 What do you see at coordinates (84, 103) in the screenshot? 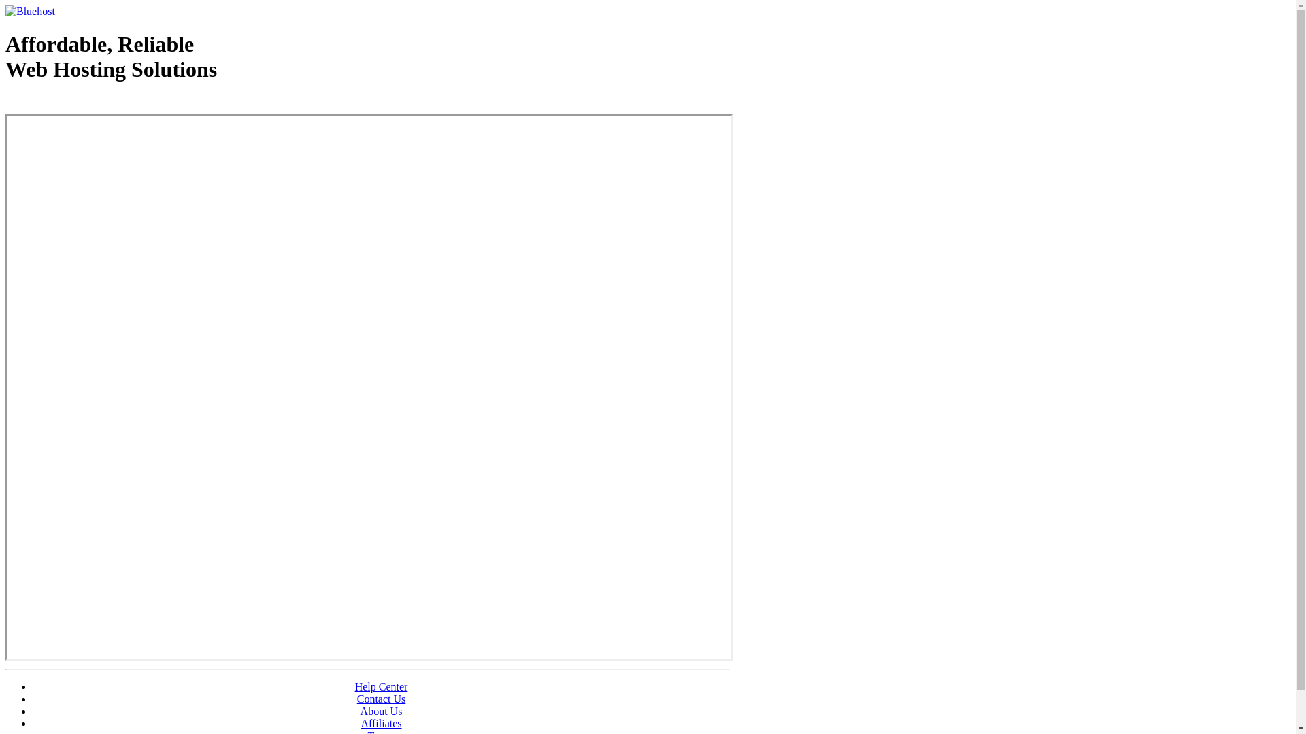
I see `'Web Hosting - courtesy of www.bluehost.com'` at bounding box center [84, 103].